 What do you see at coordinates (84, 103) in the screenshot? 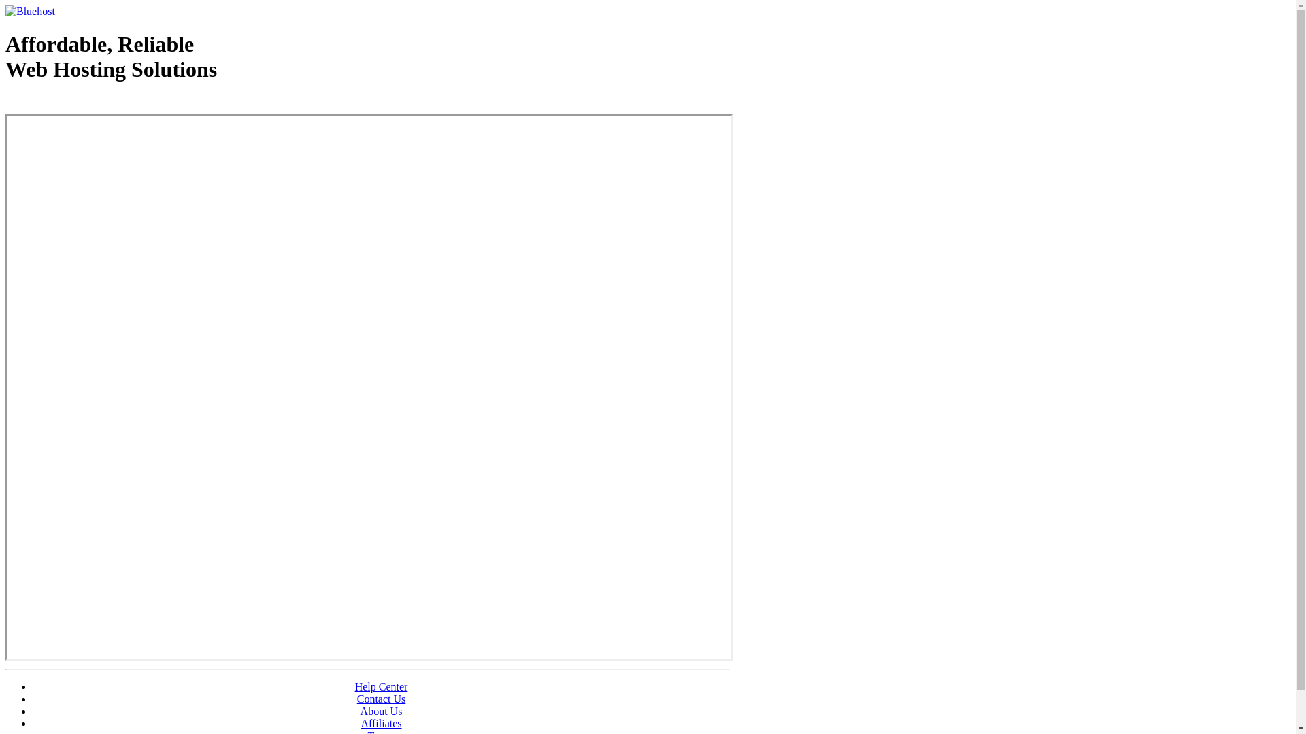
I see `'Web Hosting - courtesy of www.bluehost.com'` at bounding box center [84, 103].